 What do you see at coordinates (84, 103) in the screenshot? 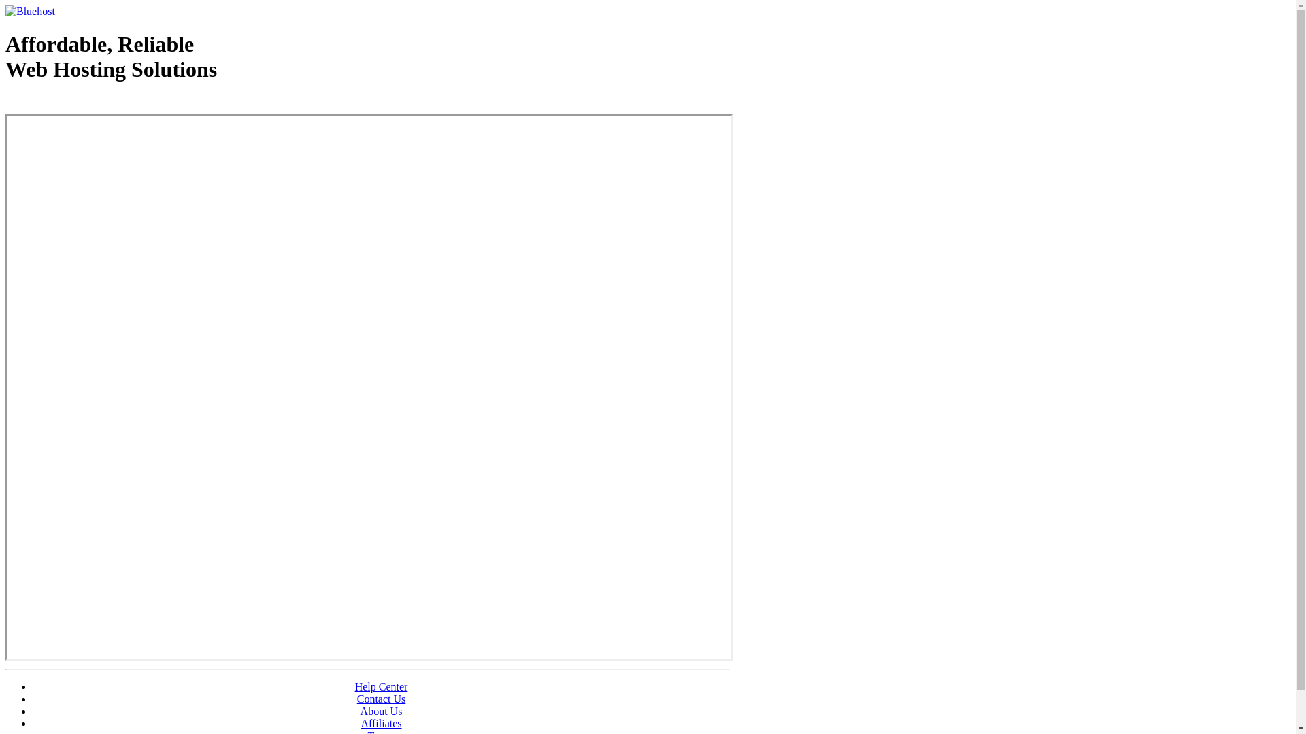
I see `'Web Hosting - courtesy of www.bluehost.com'` at bounding box center [84, 103].